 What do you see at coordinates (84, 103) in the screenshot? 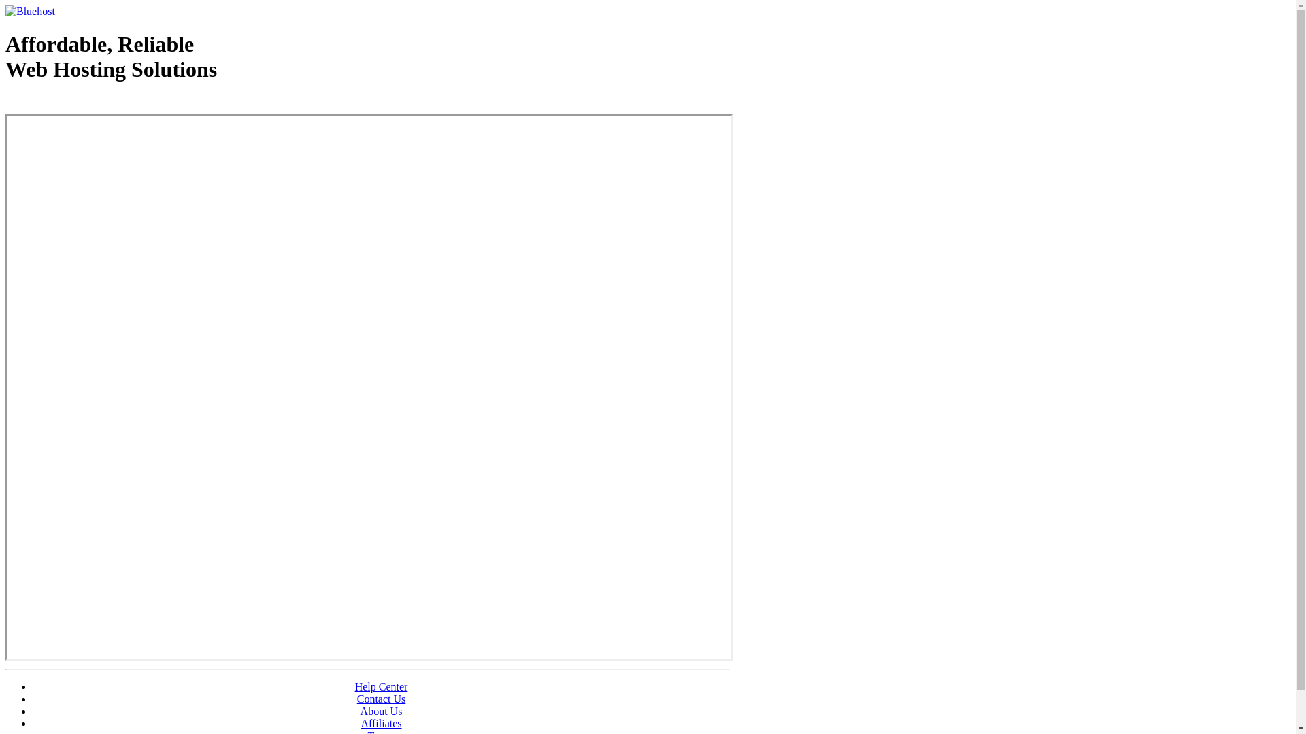
I see `'Web Hosting - courtesy of www.bluehost.com'` at bounding box center [84, 103].